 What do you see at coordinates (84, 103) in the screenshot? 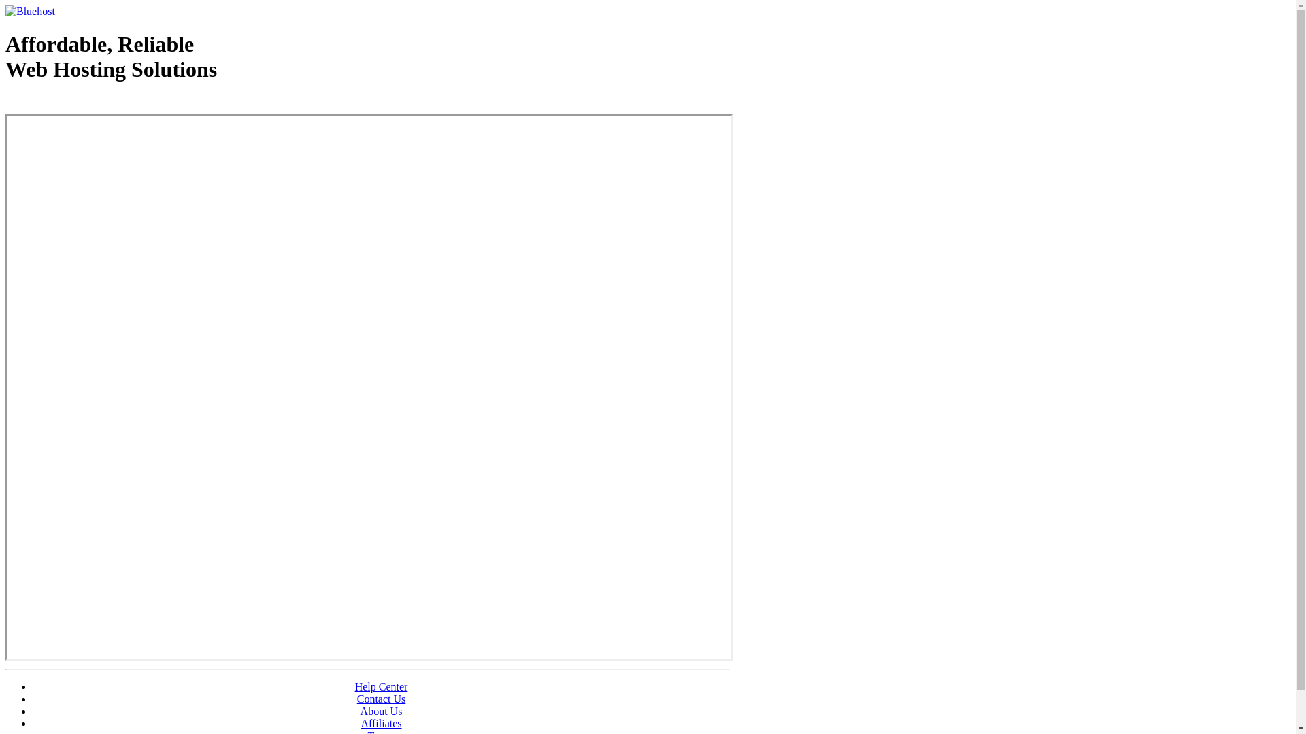
I see `'Web Hosting - courtesy of www.bluehost.com'` at bounding box center [84, 103].